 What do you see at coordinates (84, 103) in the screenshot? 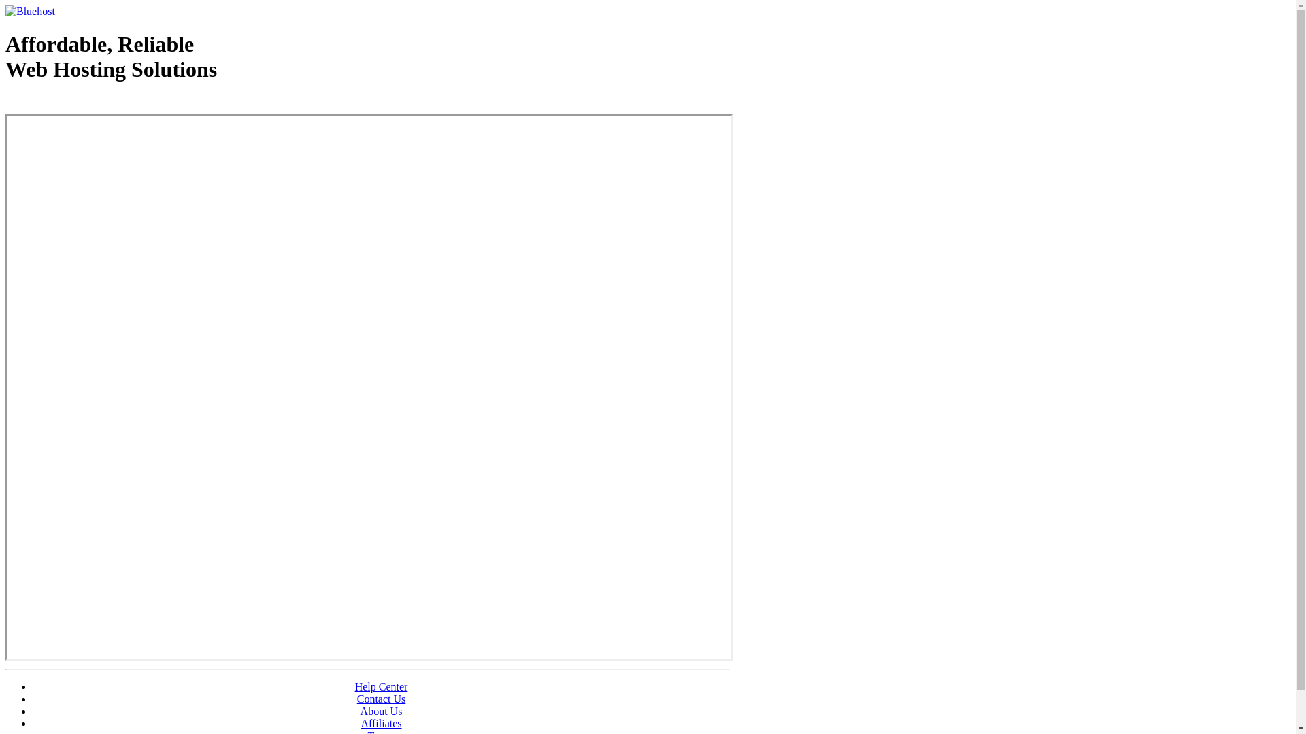
I see `'Web Hosting - courtesy of www.bluehost.com'` at bounding box center [84, 103].